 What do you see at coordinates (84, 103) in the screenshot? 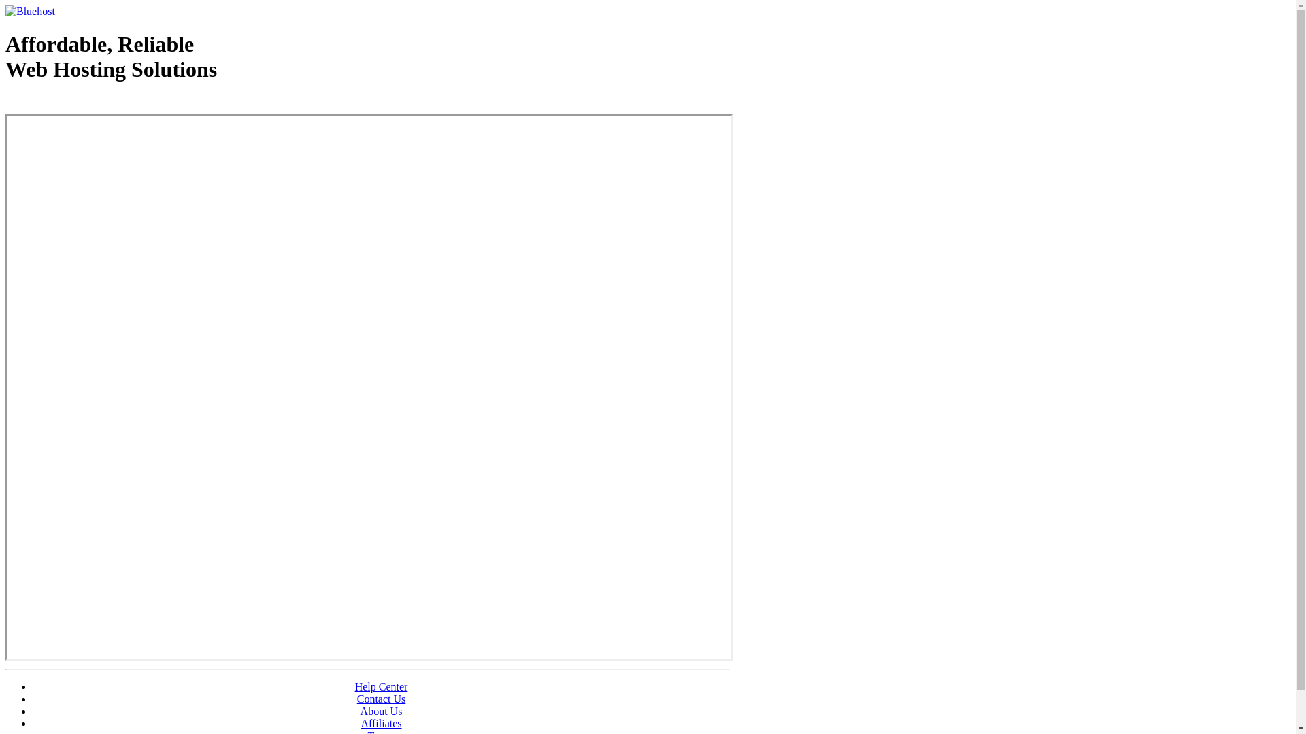
I see `'Web Hosting - courtesy of www.bluehost.com'` at bounding box center [84, 103].